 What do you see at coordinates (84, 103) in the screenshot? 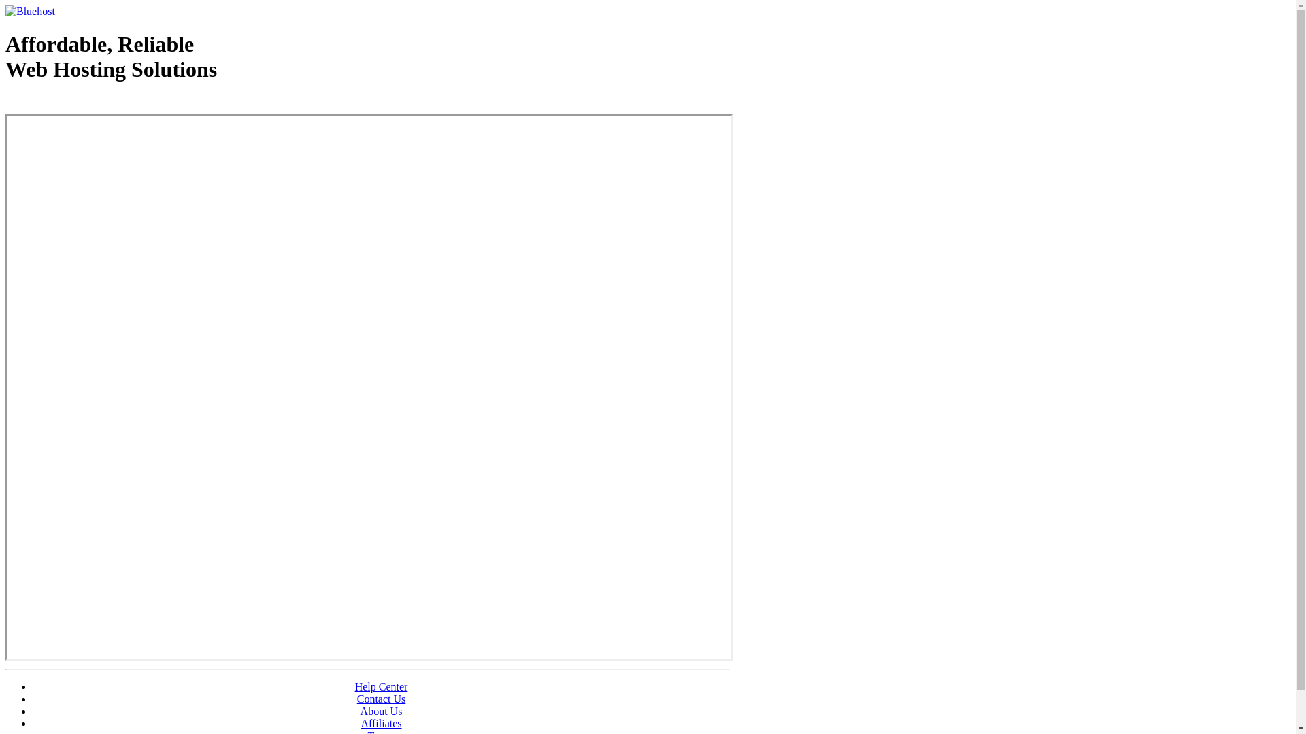
I see `'Web Hosting - courtesy of www.bluehost.com'` at bounding box center [84, 103].